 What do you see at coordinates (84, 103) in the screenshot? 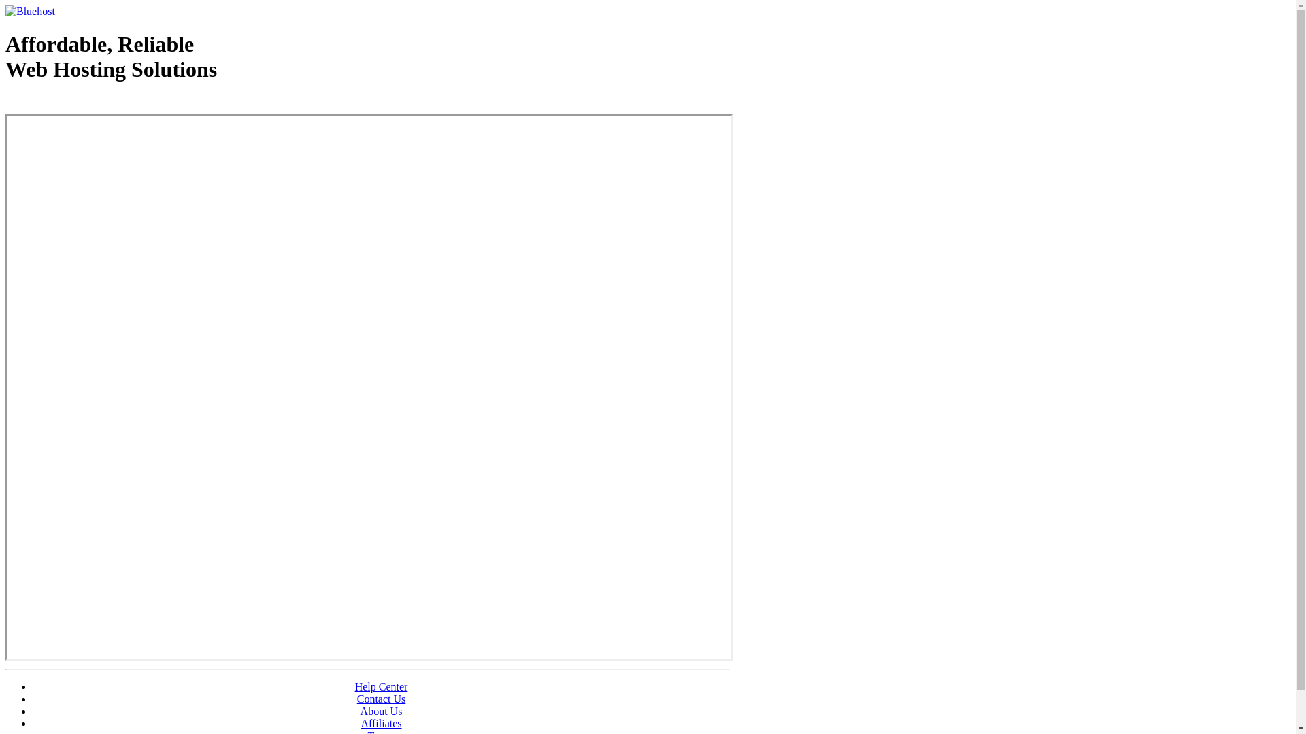
I see `'Web Hosting - courtesy of www.bluehost.com'` at bounding box center [84, 103].